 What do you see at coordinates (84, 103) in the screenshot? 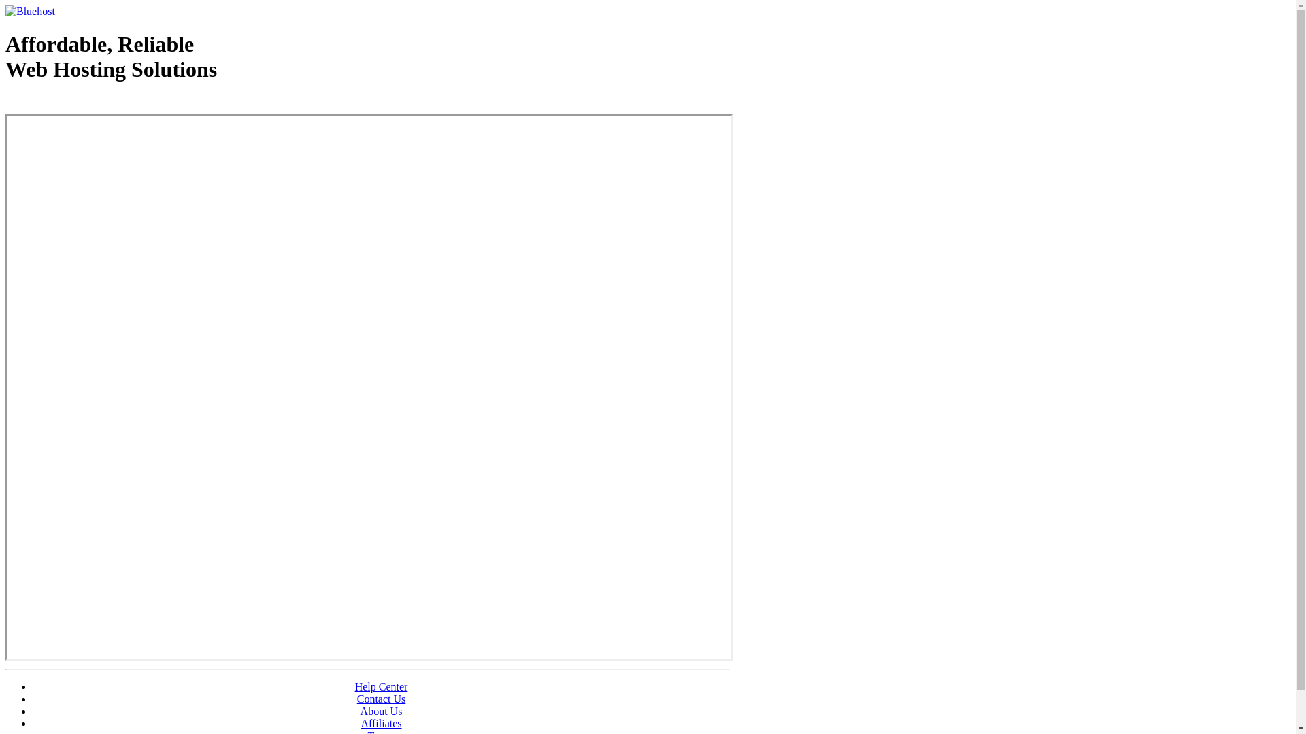
I see `'Web Hosting - courtesy of www.bluehost.com'` at bounding box center [84, 103].